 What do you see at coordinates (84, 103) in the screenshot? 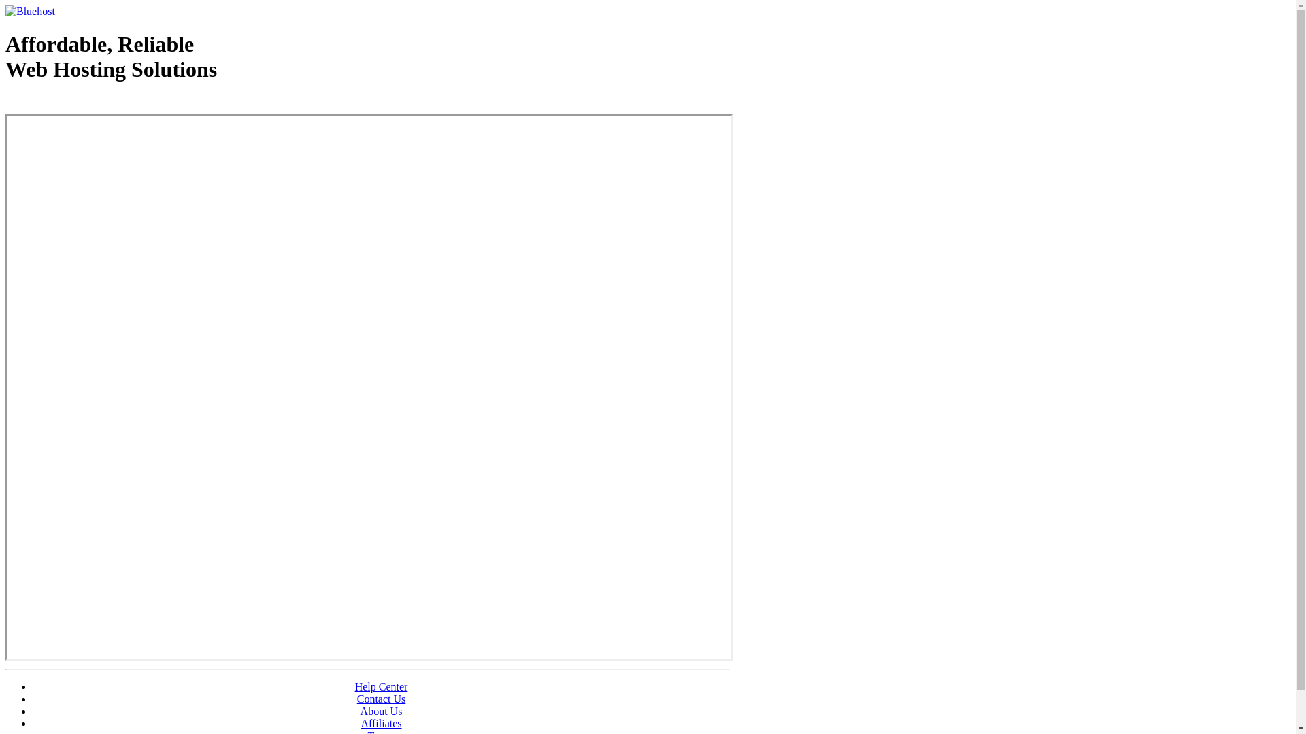
I see `'Web Hosting - courtesy of www.bluehost.com'` at bounding box center [84, 103].